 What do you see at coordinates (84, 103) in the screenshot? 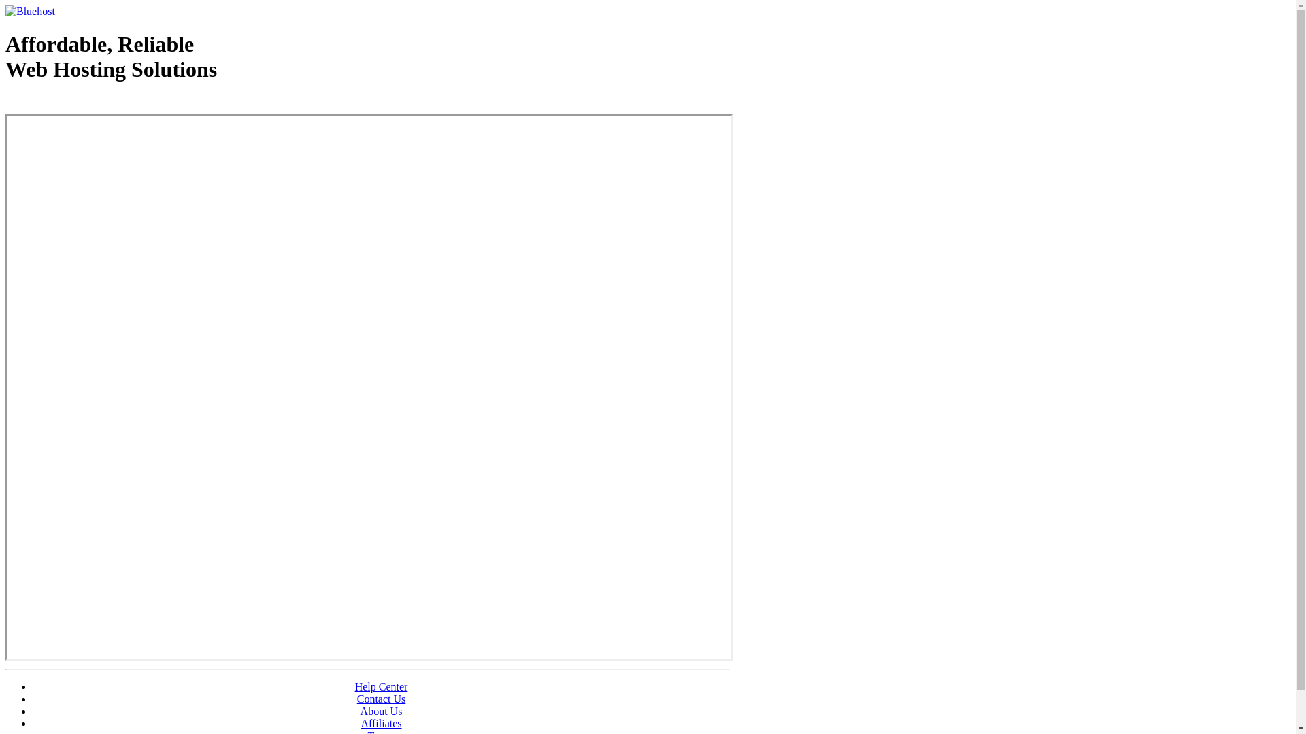
I see `'Web Hosting - courtesy of www.bluehost.com'` at bounding box center [84, 103].